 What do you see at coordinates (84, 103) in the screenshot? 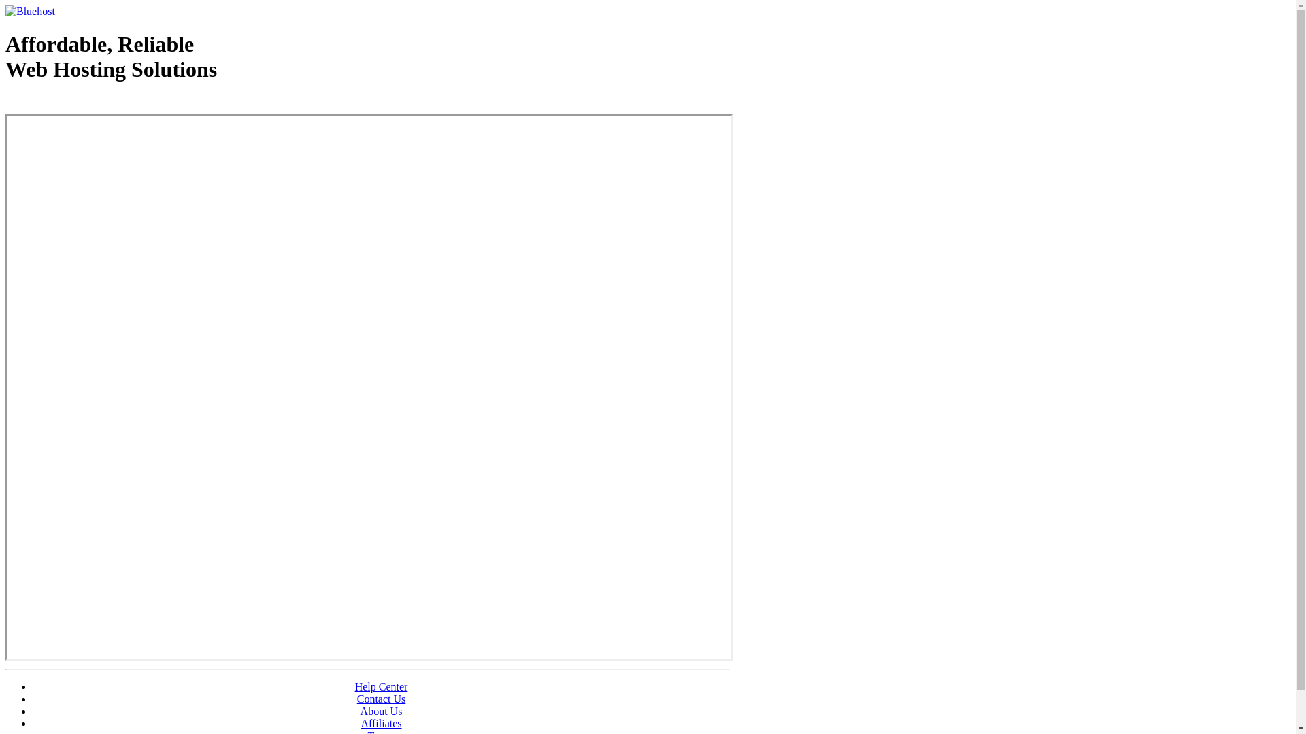
I see `'Web Hosting - courtesy of www.bluehost.com'` at bounding box center [84, 103].